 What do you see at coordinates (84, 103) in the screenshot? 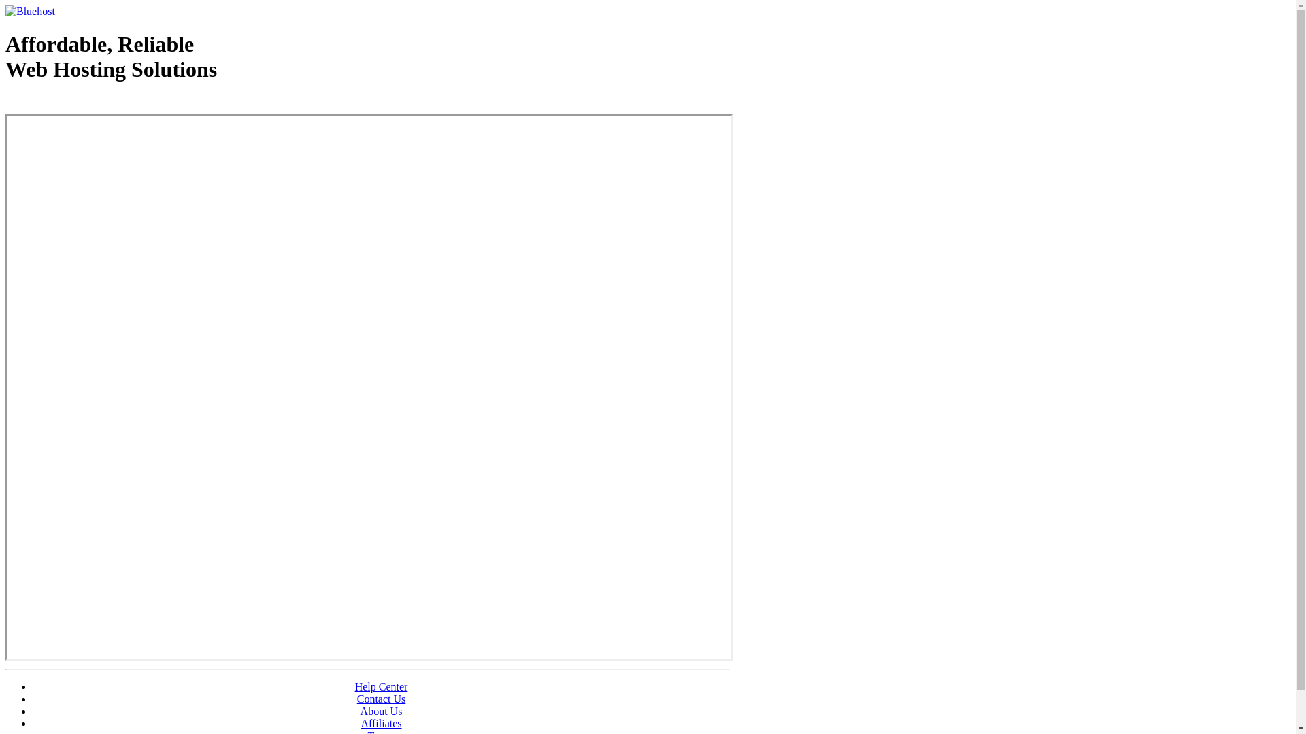
I see `'Web Hosting - courtesy of www.bluehost.com'` at bounding box center [84, 103].